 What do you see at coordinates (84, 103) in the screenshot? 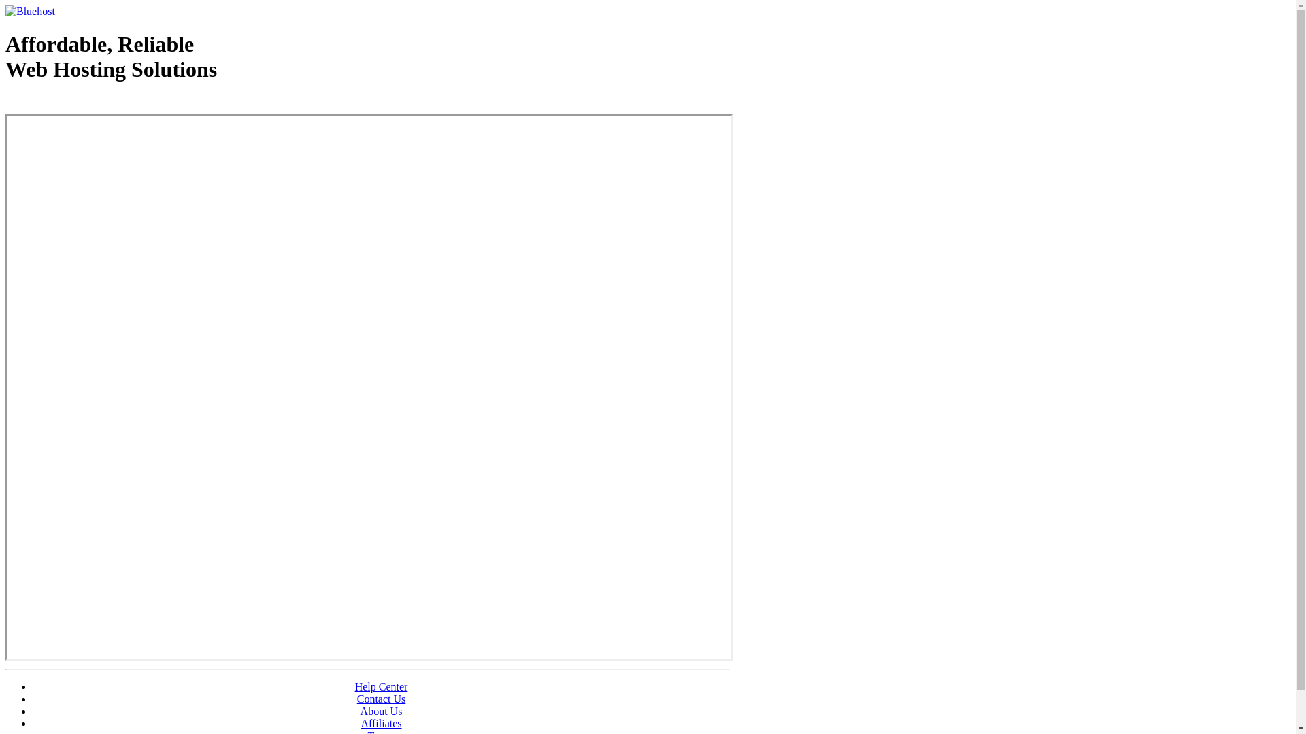
I see `'Web Hosting - courtesy of www.bluehost.com'` at bounding box center [84, 103].